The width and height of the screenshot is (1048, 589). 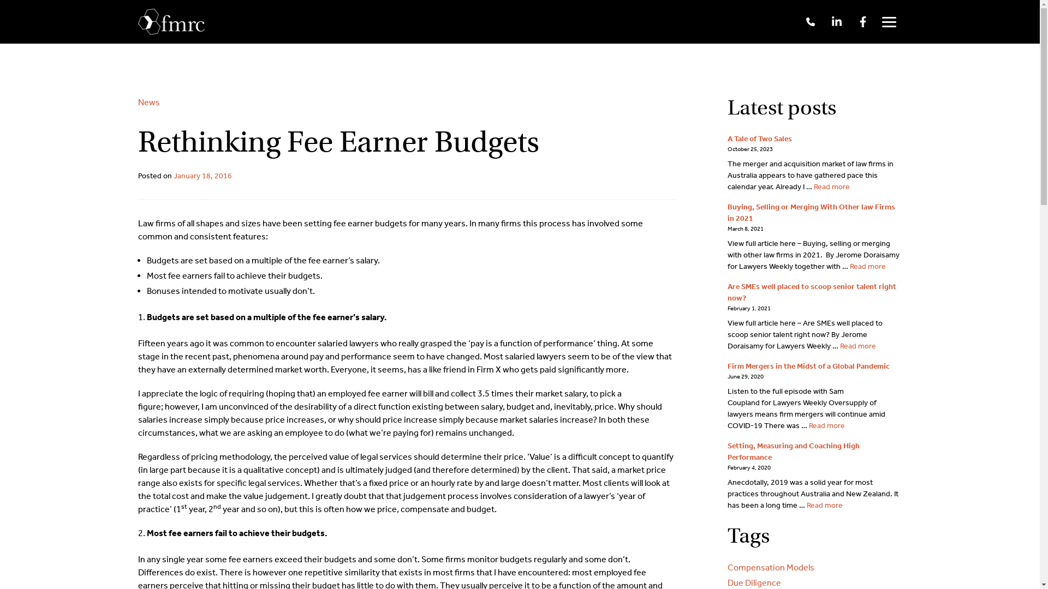 What do you see at coordinates (808, 366) in the screenshot?
I see `'Firm Mergers in the Midst of a Global Pandemic'` at bounding box center [808, 366].